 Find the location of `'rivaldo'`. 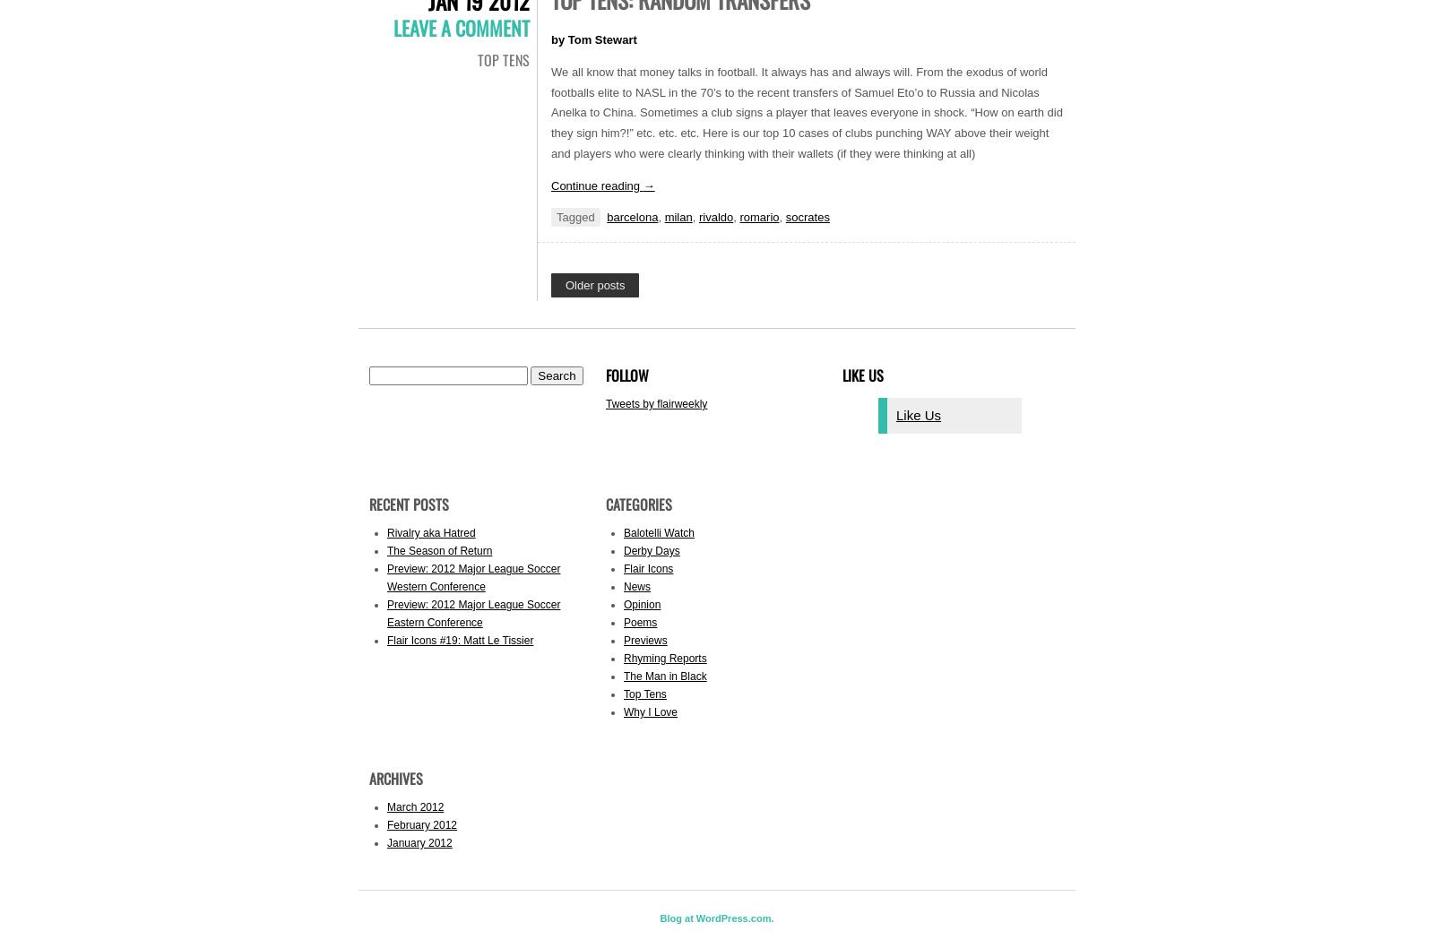

'rivaldo' is located at coordinates (715, 217).